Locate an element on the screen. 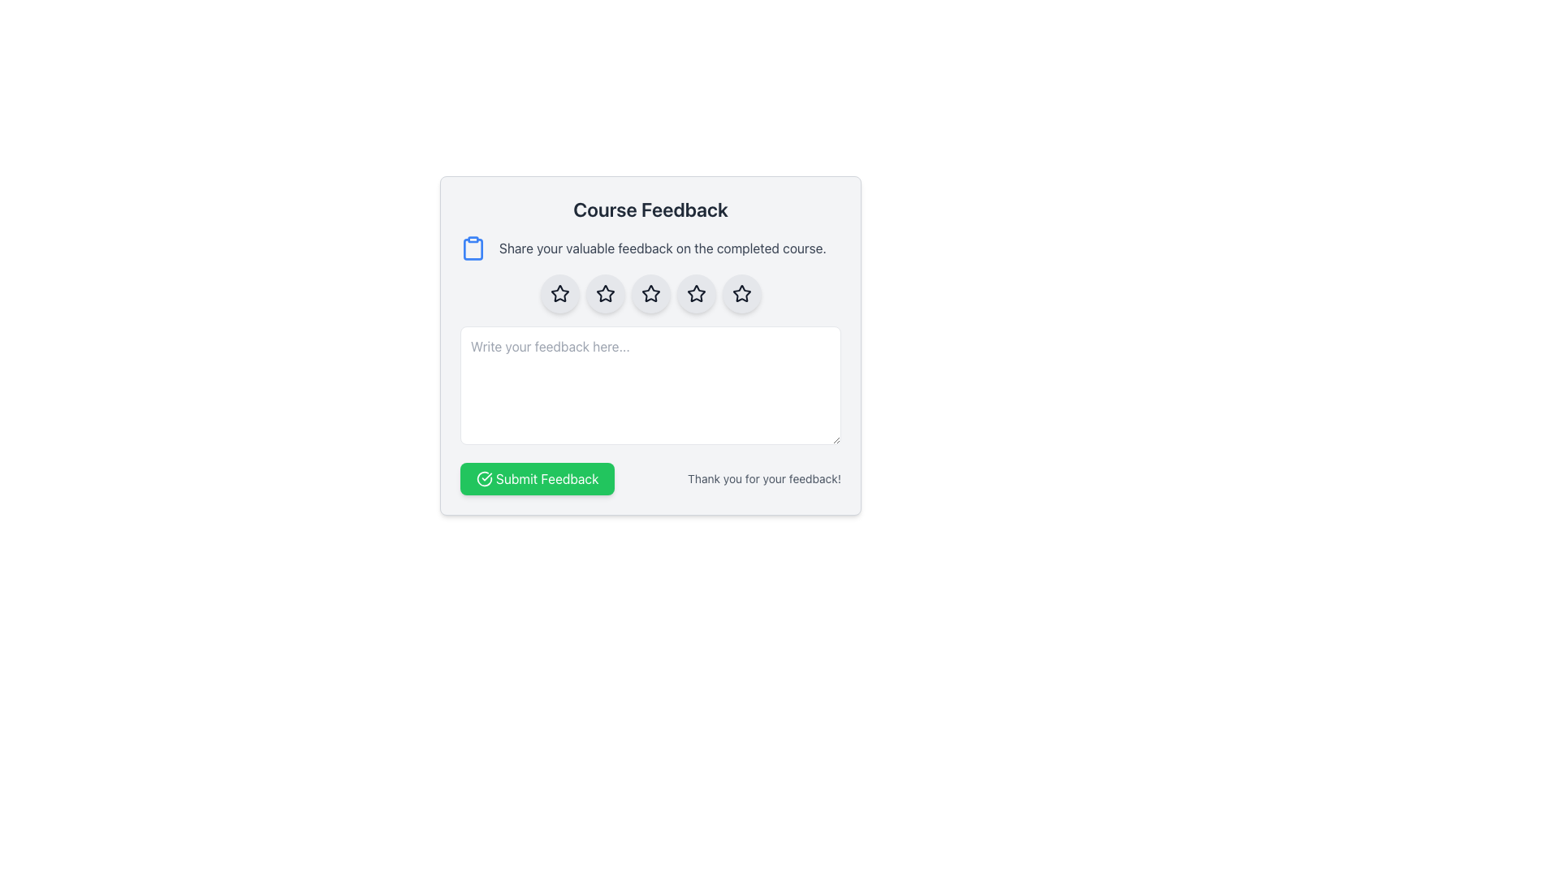 The height and width of the screenshot is (877, 1559). the third button in the horizontal row of five identical buttons is located at coordinates (650, 294).